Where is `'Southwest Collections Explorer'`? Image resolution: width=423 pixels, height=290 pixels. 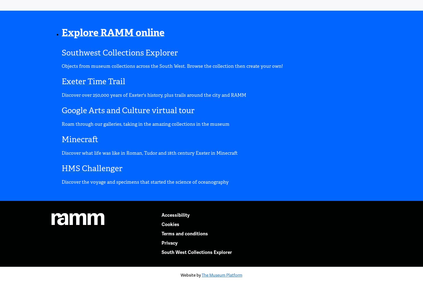 'Southwest Collections Explorer' is located at coordinates (120, 52).